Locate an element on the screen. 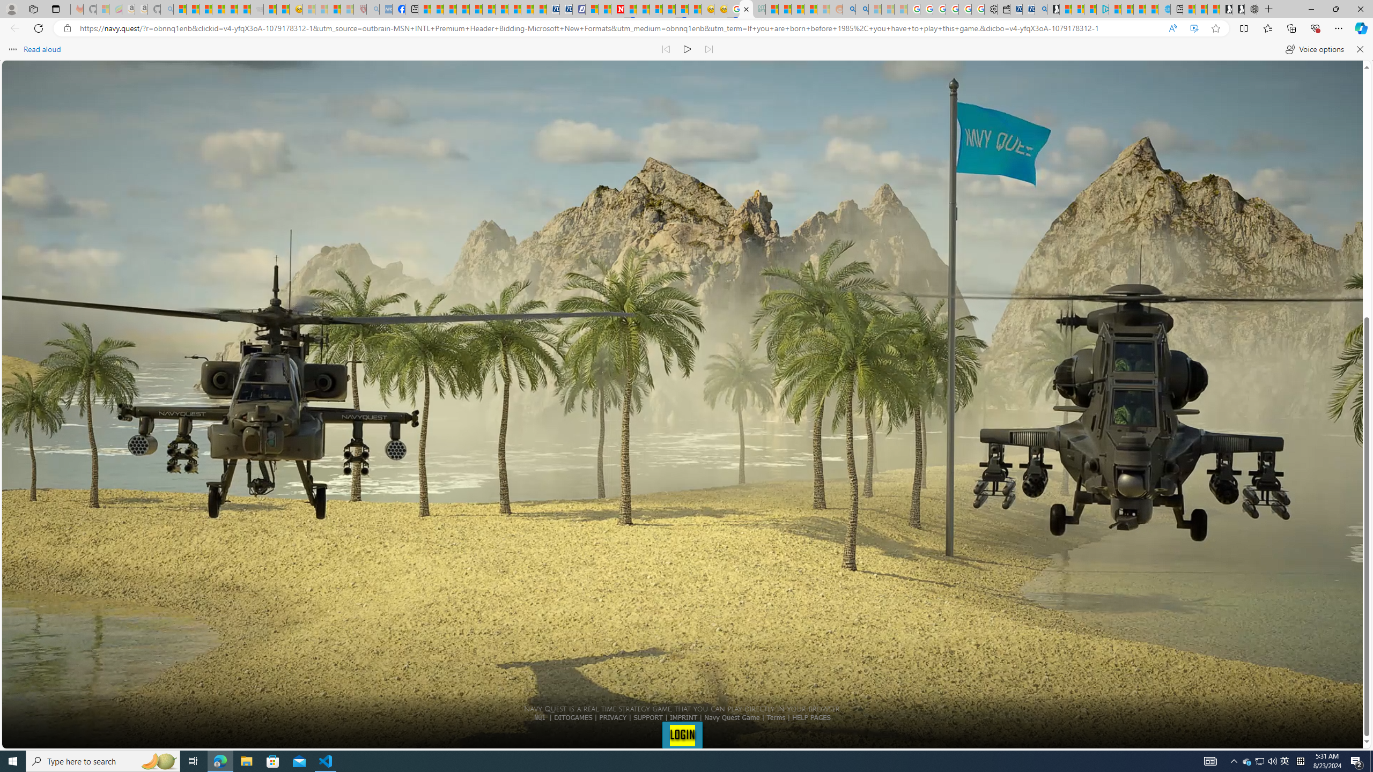  'Wallet' is located at coordinates (1003, 9).